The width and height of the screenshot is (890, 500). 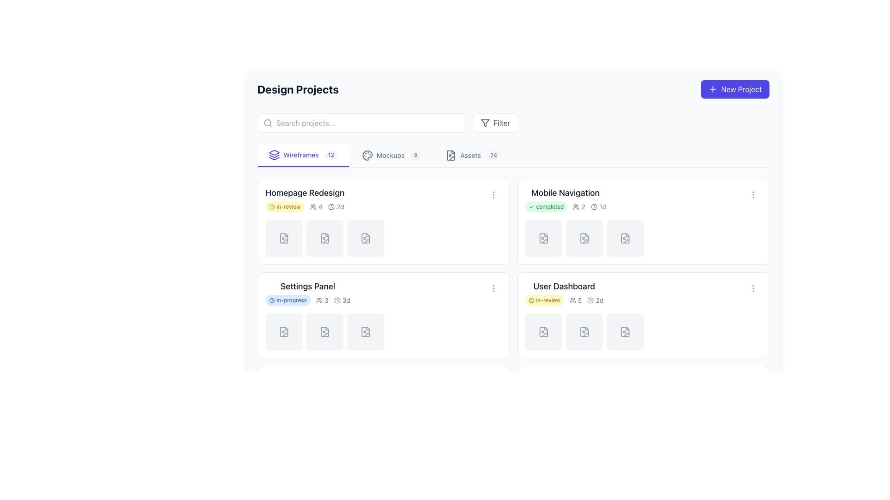 What do you see at coordinates (493, 288) in the screenshot?
I see `the overflow menu toggle located in the top-right corner of the 'Settings Panel' card` at bounding box center [493, 288].